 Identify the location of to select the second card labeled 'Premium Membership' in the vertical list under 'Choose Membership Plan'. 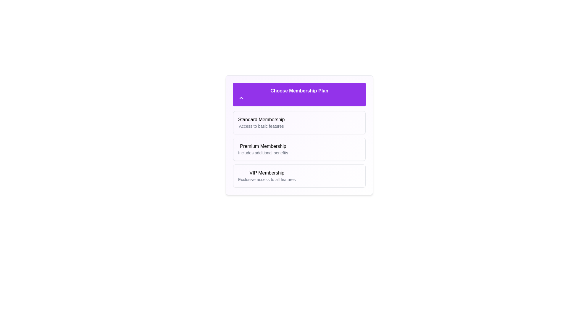
(299, 149).